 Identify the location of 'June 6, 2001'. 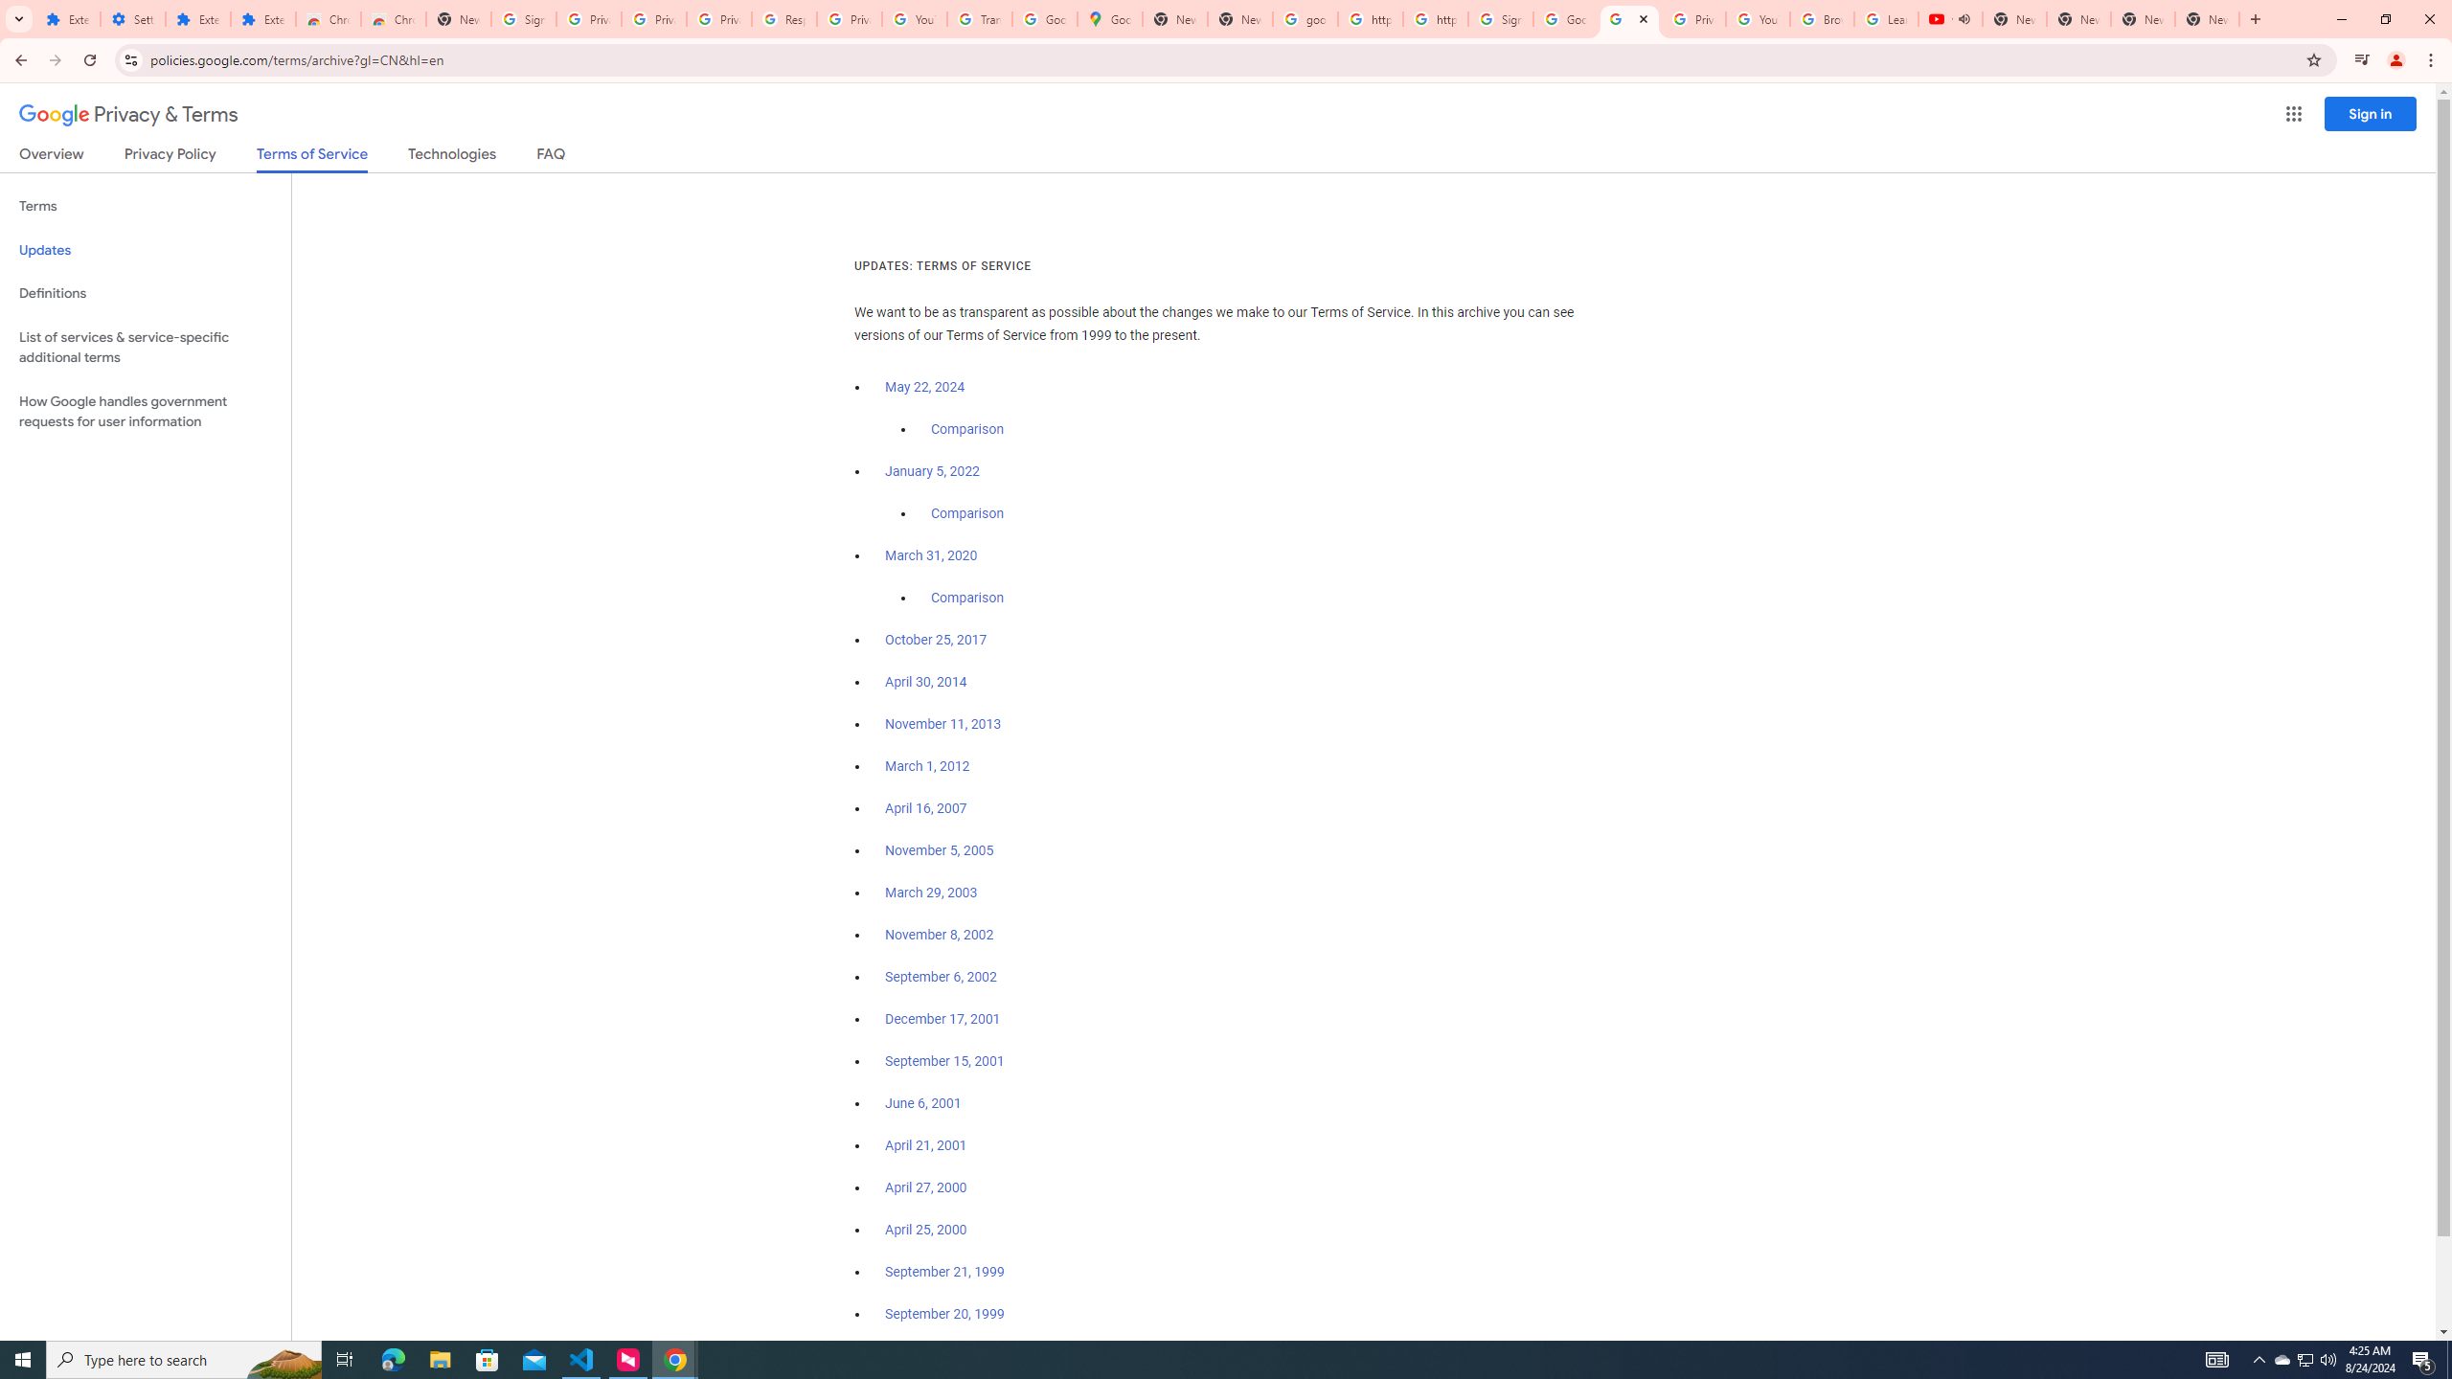
(921, 1103).